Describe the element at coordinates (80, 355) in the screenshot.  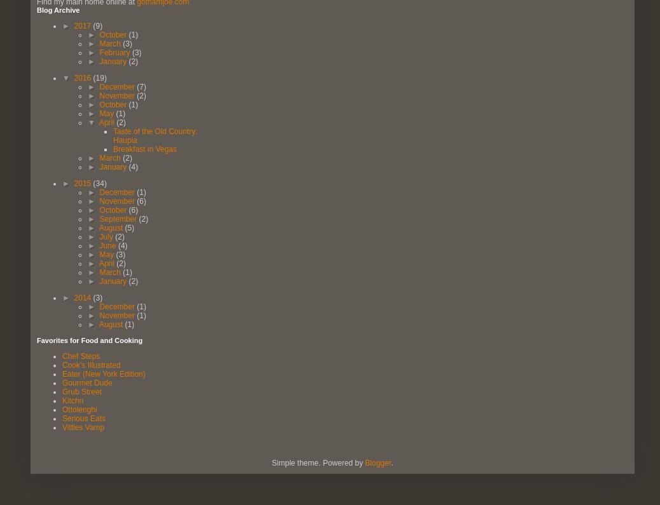
I see `'Chef Steps'` at that location.